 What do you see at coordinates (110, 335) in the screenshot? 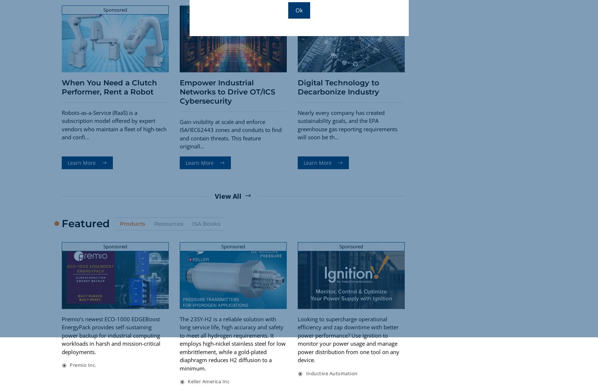
I see `'Premio’s newest ECO-1000 EDGEBoost EnergyPack provides self-sustaining power backup for industrial computing workloads in harsh and mission-critical deployments.'` at bounding box center [110, 335].